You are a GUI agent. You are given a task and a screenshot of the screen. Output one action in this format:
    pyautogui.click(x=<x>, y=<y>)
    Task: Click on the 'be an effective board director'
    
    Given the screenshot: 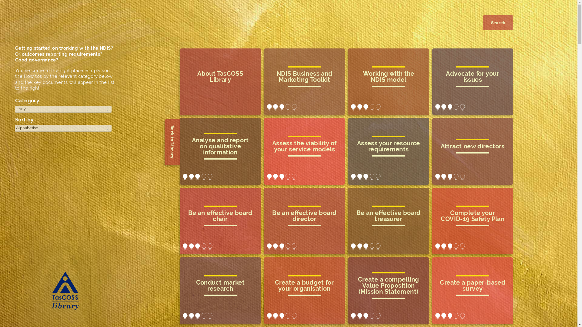 What is the action you would take?
    pyautogui.click(x=304, y=221)
    